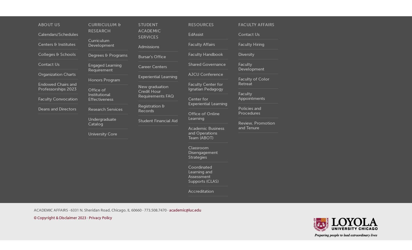 The image size is (412, 250). I want to click on 'Chicago', so click(119, 209).